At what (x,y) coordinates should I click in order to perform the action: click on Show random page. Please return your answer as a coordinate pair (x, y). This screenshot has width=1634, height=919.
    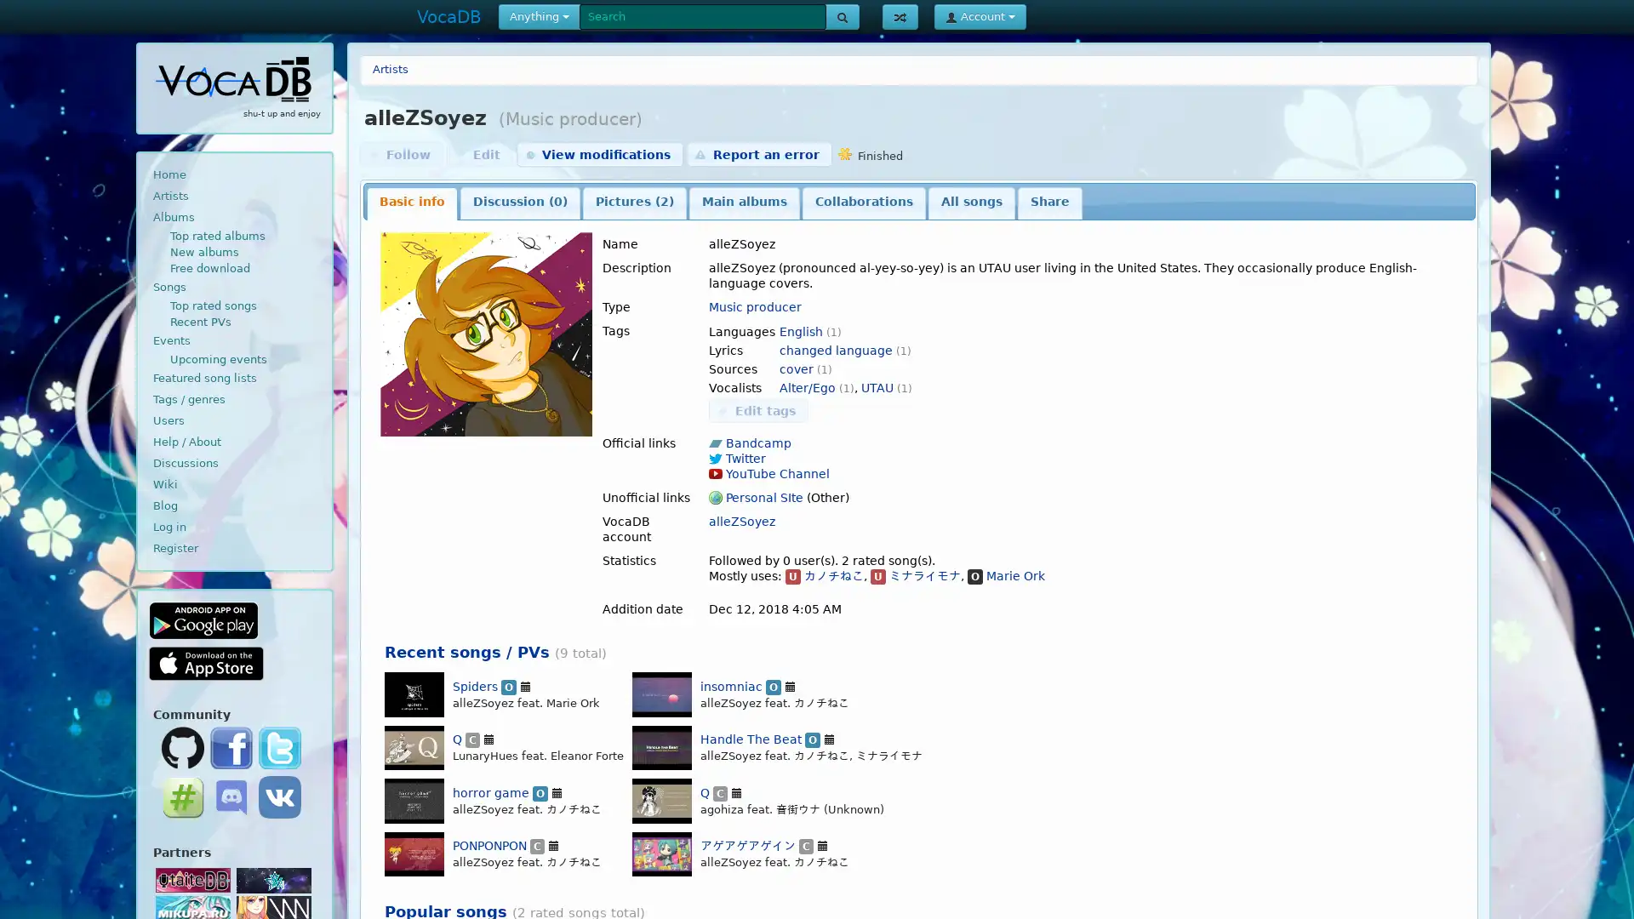
    Looking at the image, I should click on (899, 16).